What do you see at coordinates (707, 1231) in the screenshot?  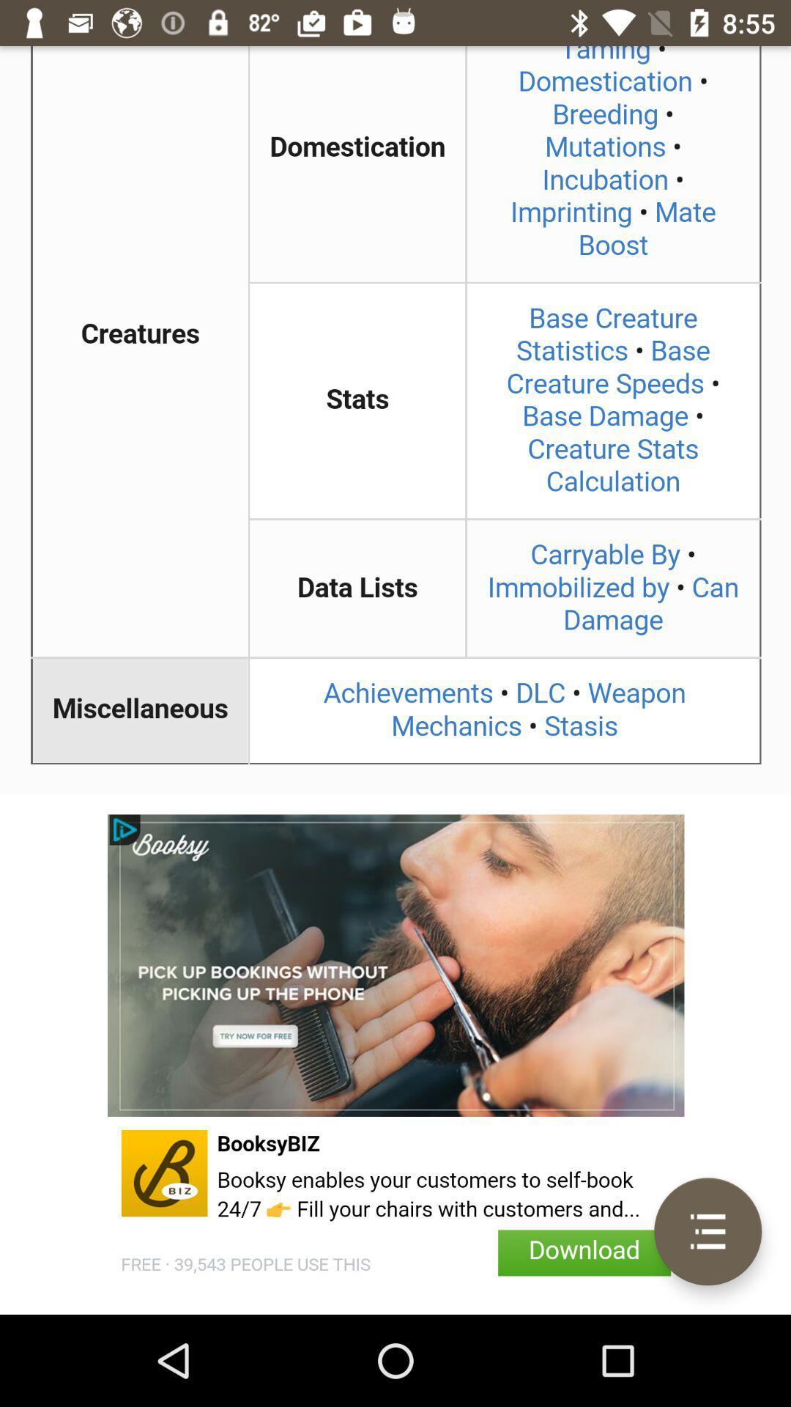 I see `the list icon` at bounding box center [707, 1231].